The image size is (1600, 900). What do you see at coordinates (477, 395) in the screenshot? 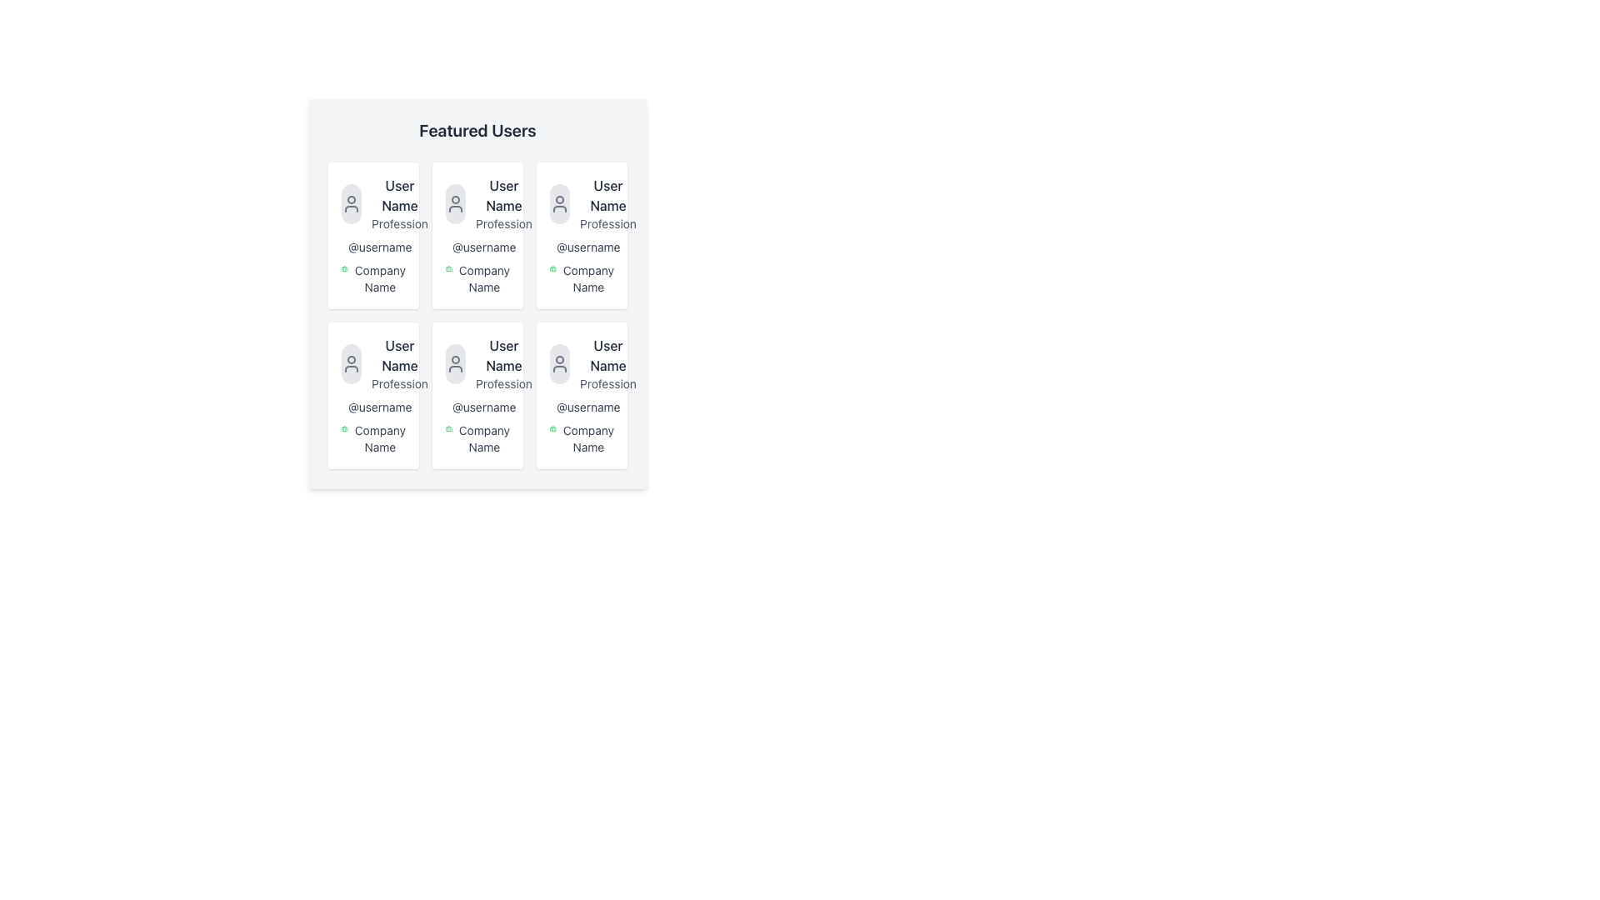
I see `the Profile Card located in the middle of the bottom row of the grid layout, distinguished by its rounded corners and shadow effect, which contains user profile information` at bounding box center [477, 395].